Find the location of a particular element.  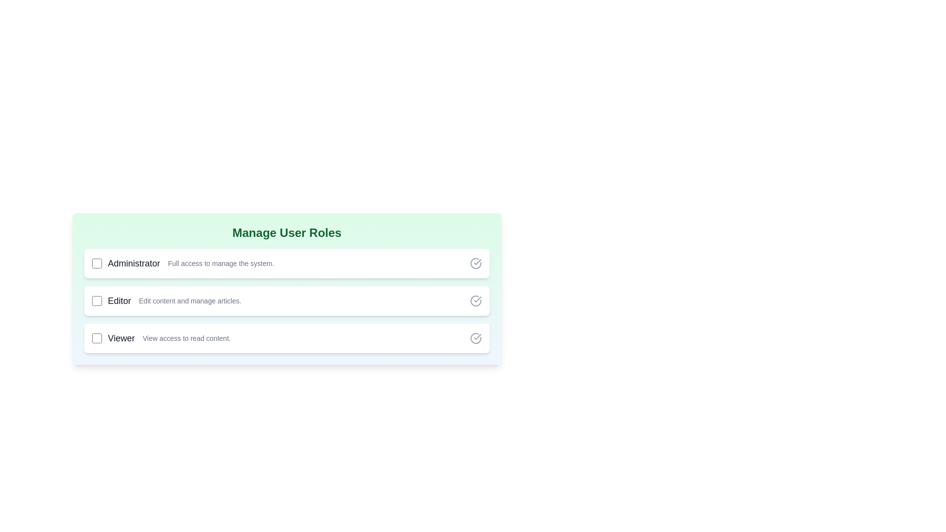

the role Editor by clicking its checkbox is located at coordinates (97, 300).